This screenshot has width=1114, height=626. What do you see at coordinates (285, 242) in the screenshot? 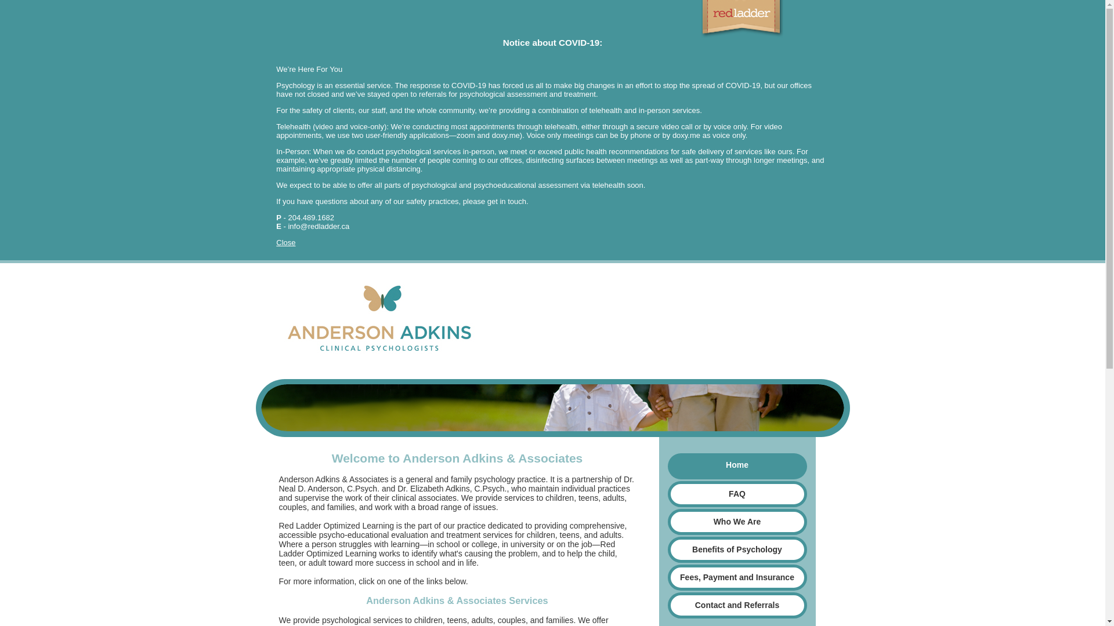
I see `'Close'` at bounding box center [285, 242].